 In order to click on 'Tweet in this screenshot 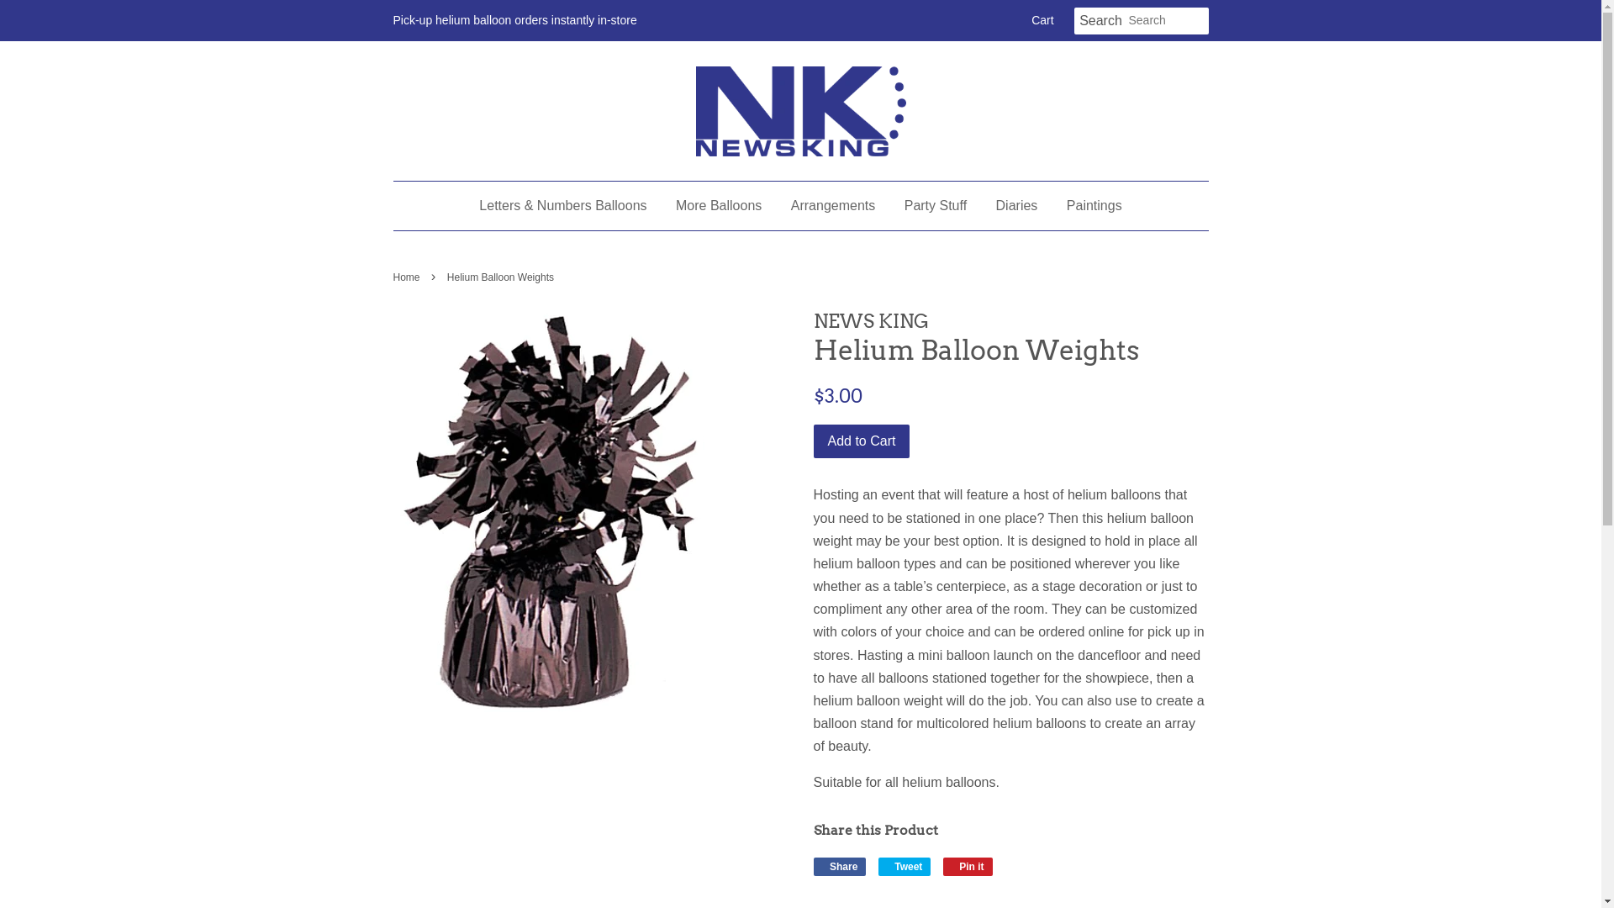, I will do `click(904, 866)`.